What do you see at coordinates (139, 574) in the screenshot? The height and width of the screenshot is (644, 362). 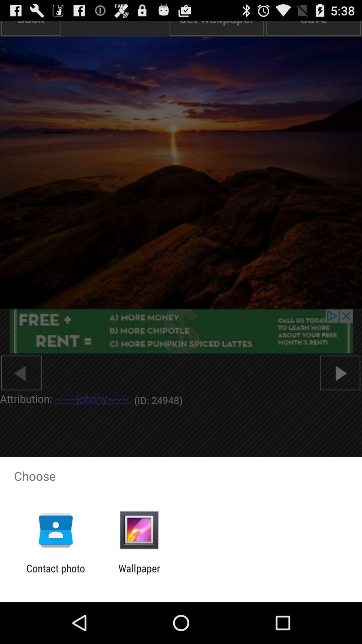 I see `item to the right of contact photo` at bounding box center [139, 574].